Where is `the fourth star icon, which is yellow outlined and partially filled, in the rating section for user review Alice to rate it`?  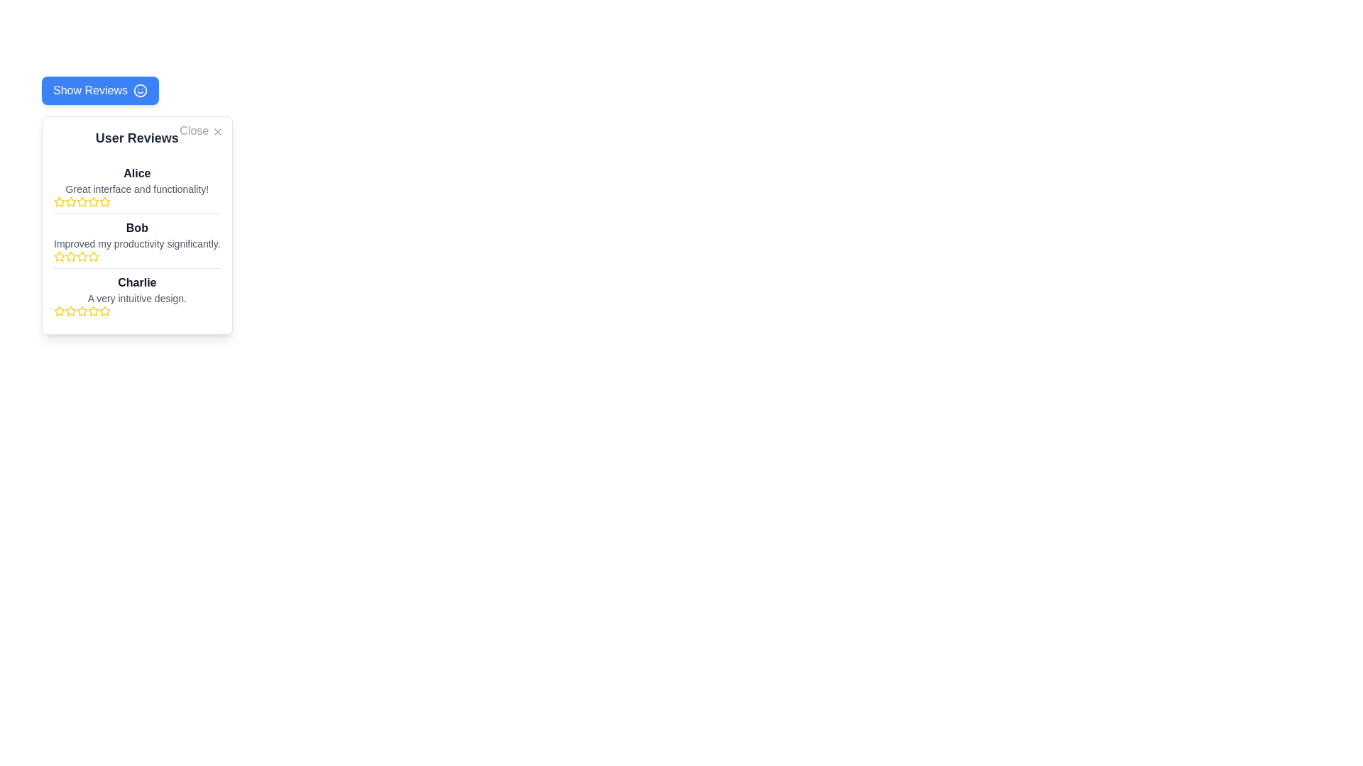
the fourth star icon, which is yellow outlined and partially filled, in the rating section for user review Alice to rate it is located at coordinates (93, 201).